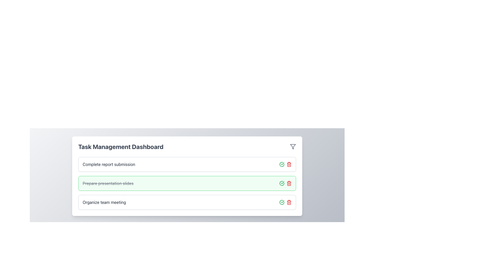 This screenshot has width=493, height=277. What do you see at coordinates (282, 164) in the screenshot?
I see `the green circular checkmark icon located to the right of the second task in the checklist to mark the task as completed` at bounding box center [282, 164].